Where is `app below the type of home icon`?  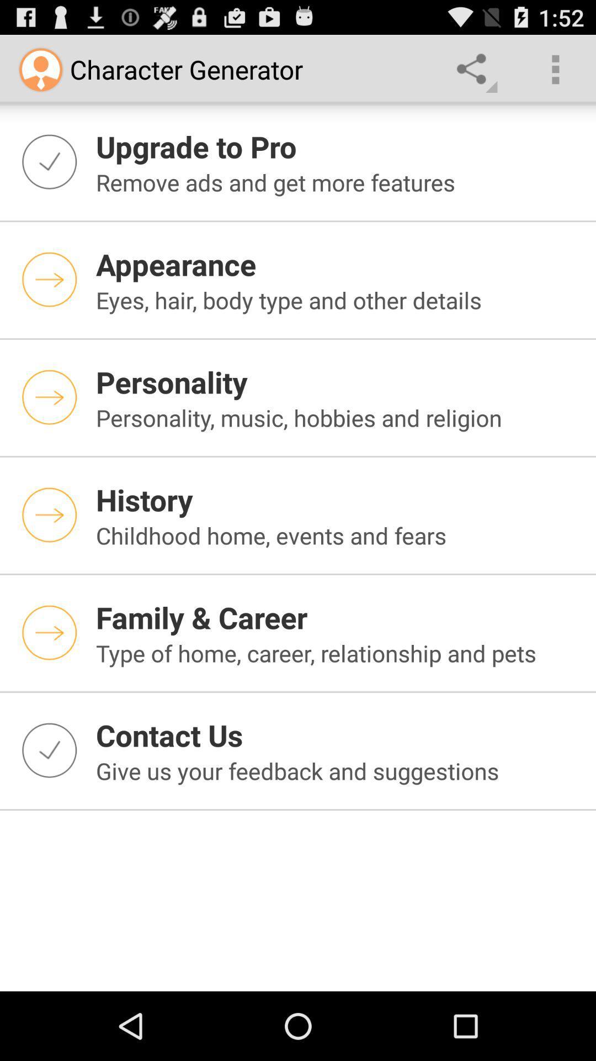 app below the type of home icon is located at coordinates (338, 735).